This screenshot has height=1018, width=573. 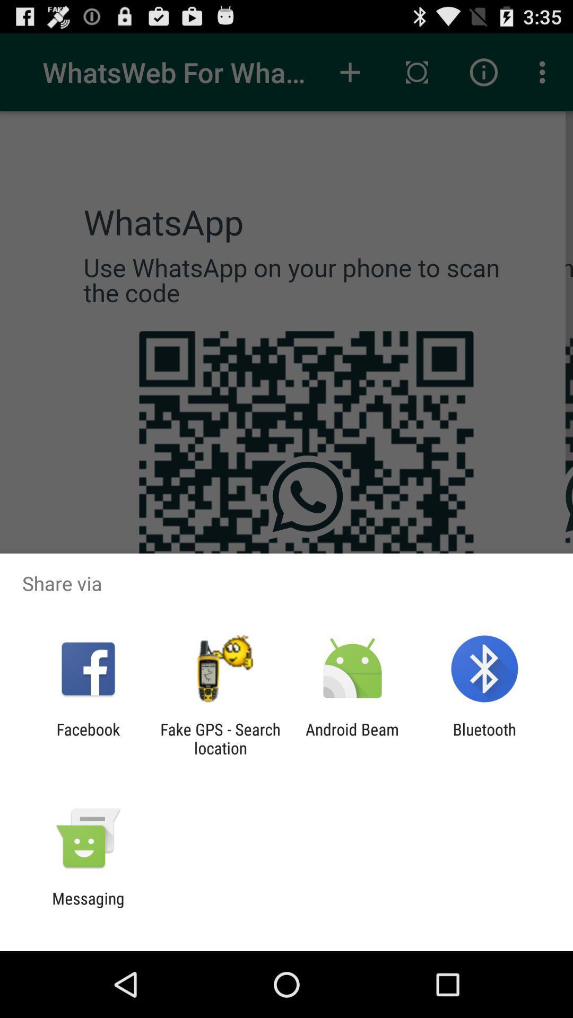 What do you see at coordinates (220, 738) in the screenshot?
I see `the fake gps search icon` at bounding box center [220, 738].